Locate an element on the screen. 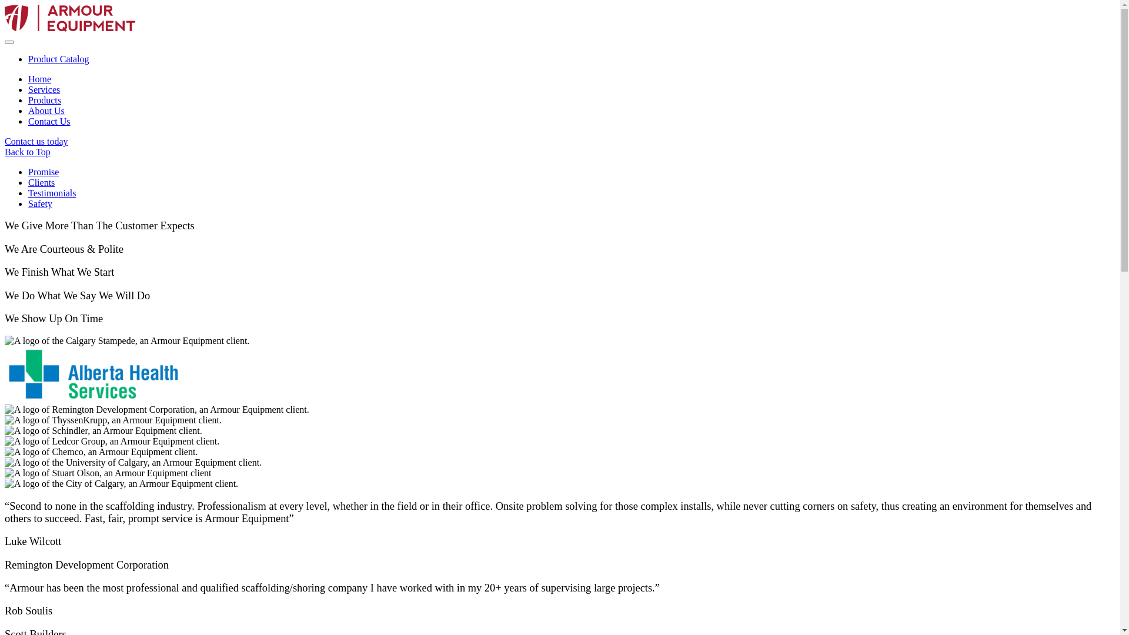 Image resolution: width=1129 pixels, height=635 pixels. 'Contact us today' is located at coordinates (36, 141).